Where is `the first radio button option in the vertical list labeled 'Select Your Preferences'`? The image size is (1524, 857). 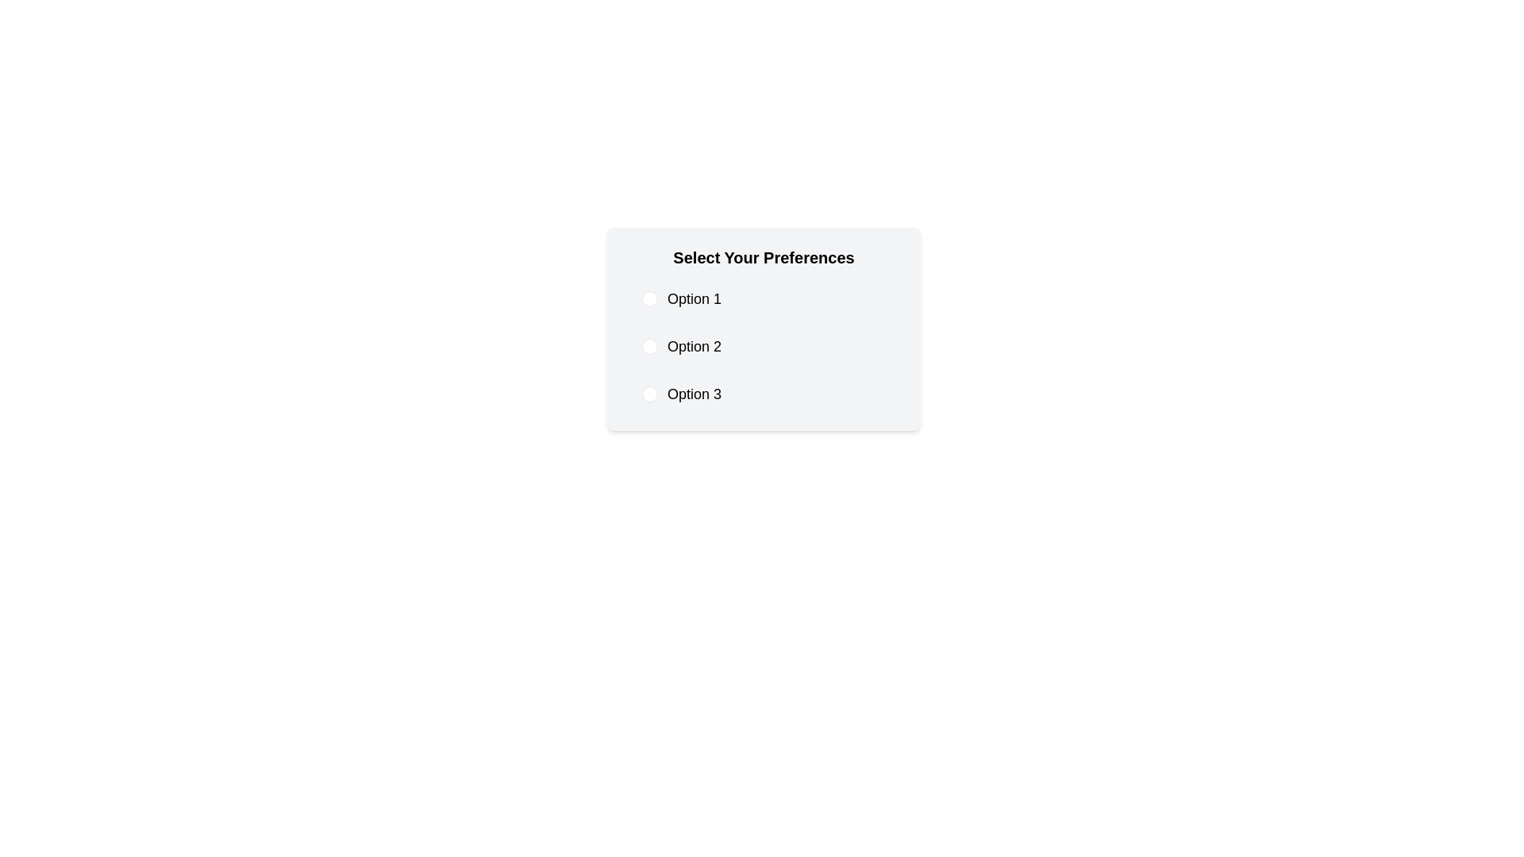 the first radio button option in the vertical list labeled 'Select Your Preferences' is located at coordinates (764, 299).